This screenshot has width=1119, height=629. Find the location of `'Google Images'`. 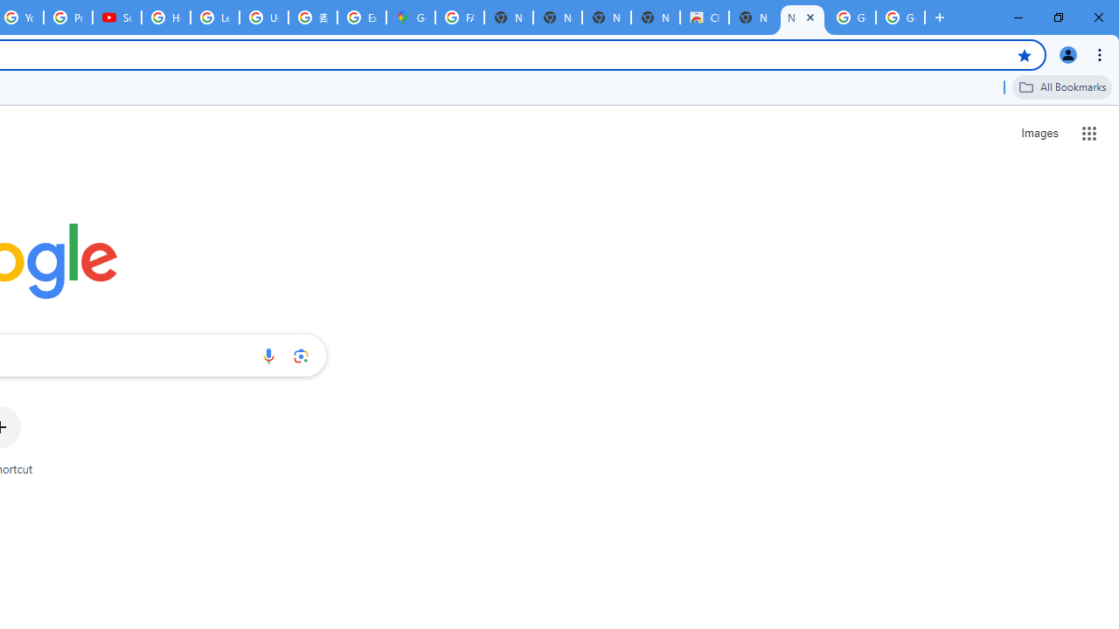

'Google Images' is located at coordinates (900, 17).